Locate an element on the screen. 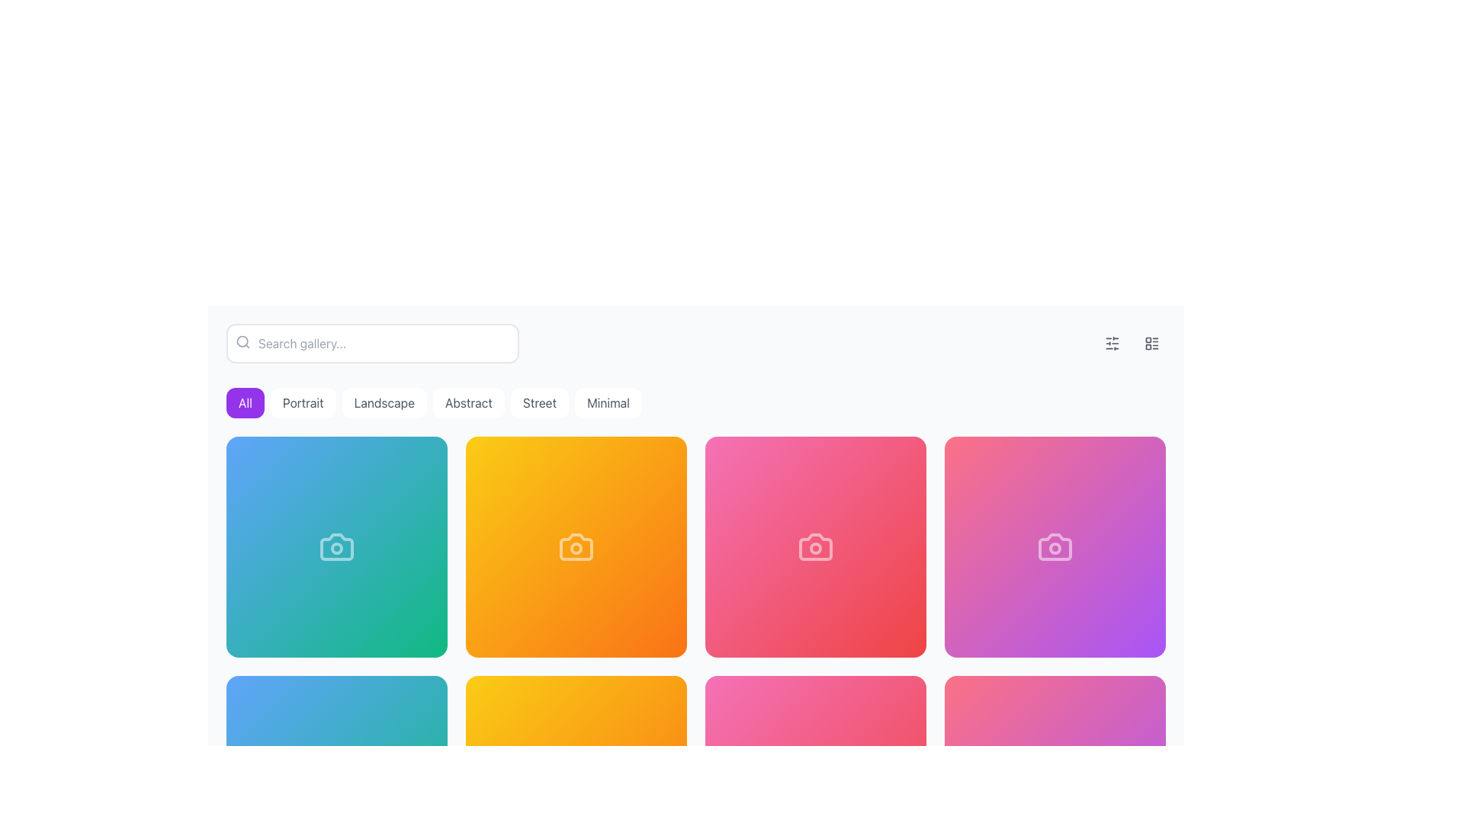 This screenshot has height=823, width=1464. small white outlined circle located centrally within the camera icon on the yellow-orange gradient background using developer tools is located at coordinates (575, 549).